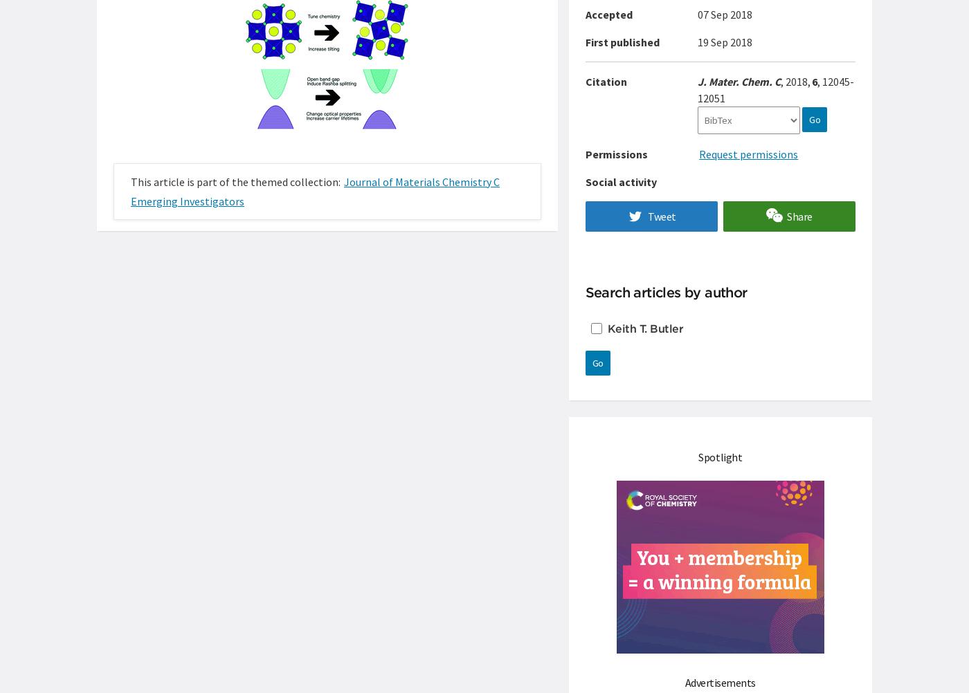  What do you see at coordinates (799, 216) in the screenshot?
I see `'Share'` at bounding box center [799, 216].